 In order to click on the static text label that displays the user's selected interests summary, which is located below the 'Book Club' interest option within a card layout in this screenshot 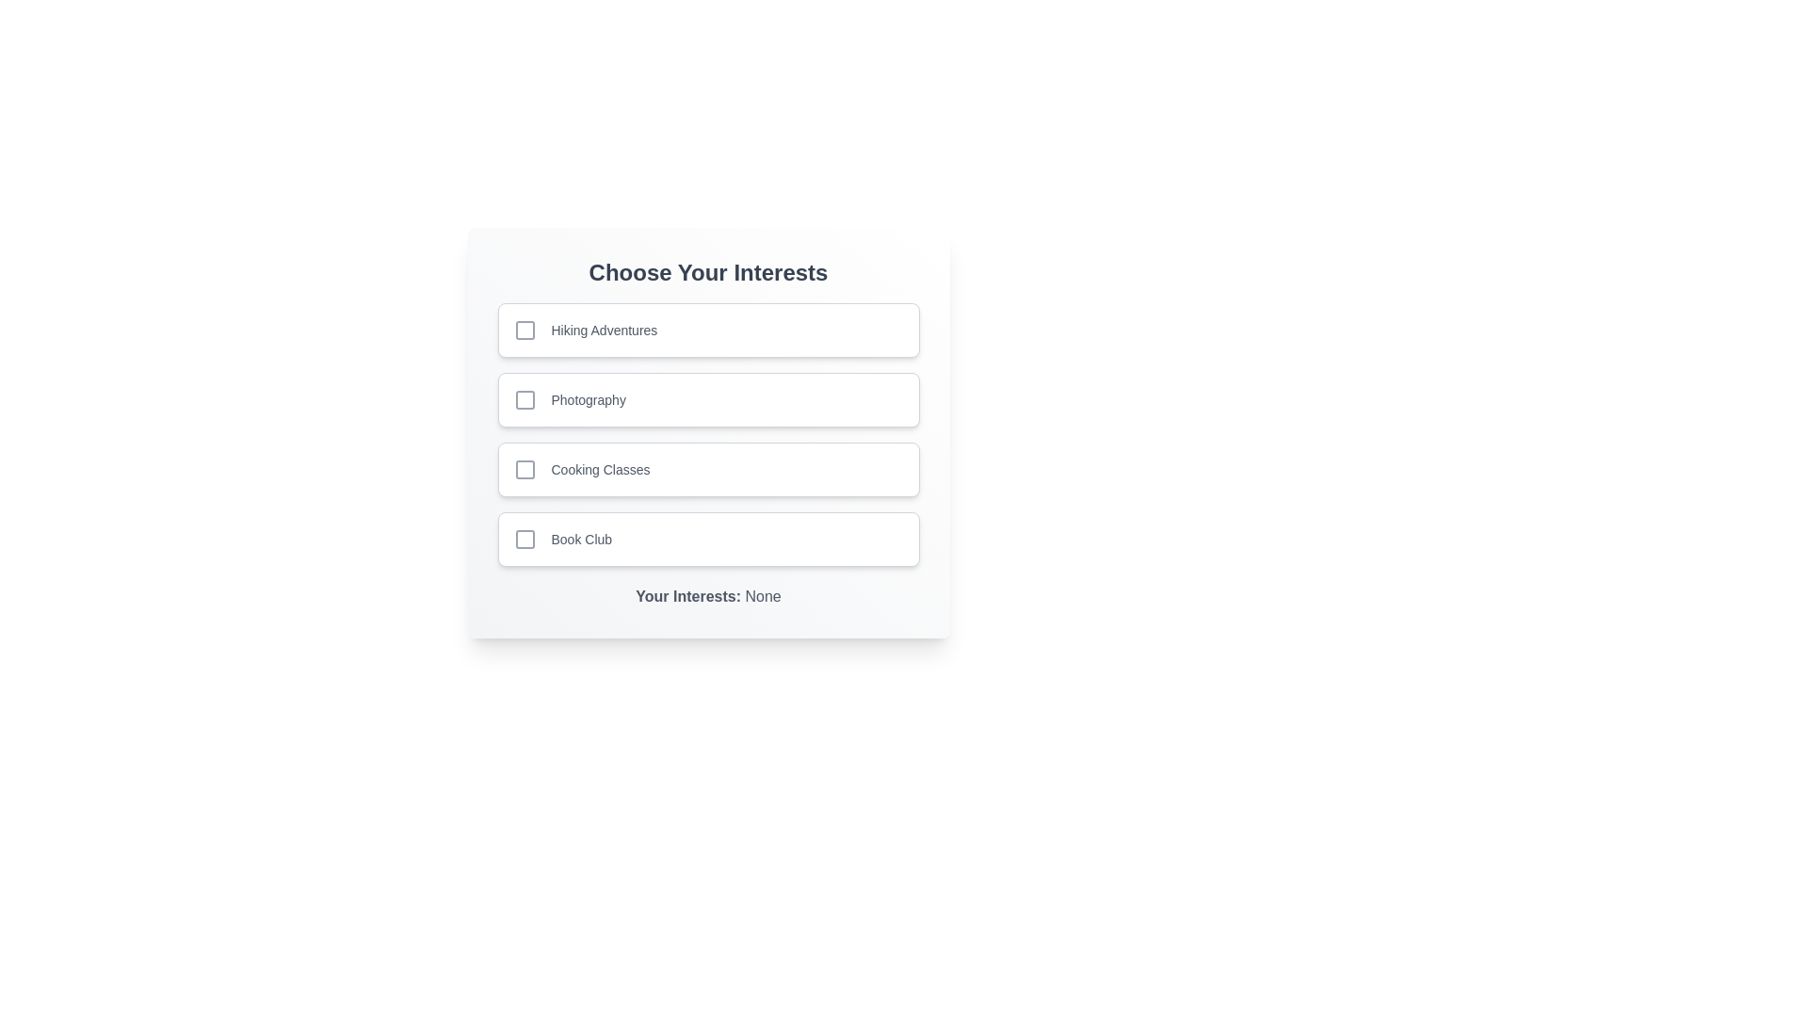, I will do `click(707, 587)`.